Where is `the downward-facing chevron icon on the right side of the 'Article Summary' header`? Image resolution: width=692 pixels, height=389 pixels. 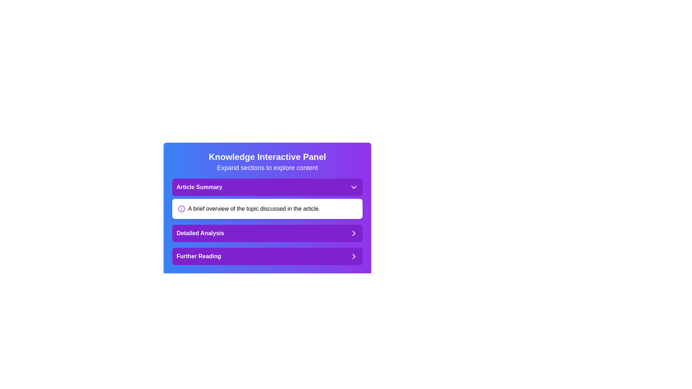
the downward-facing chevron icon on the right side of the 'Article Summary' header is located at coordinates (354, 187).